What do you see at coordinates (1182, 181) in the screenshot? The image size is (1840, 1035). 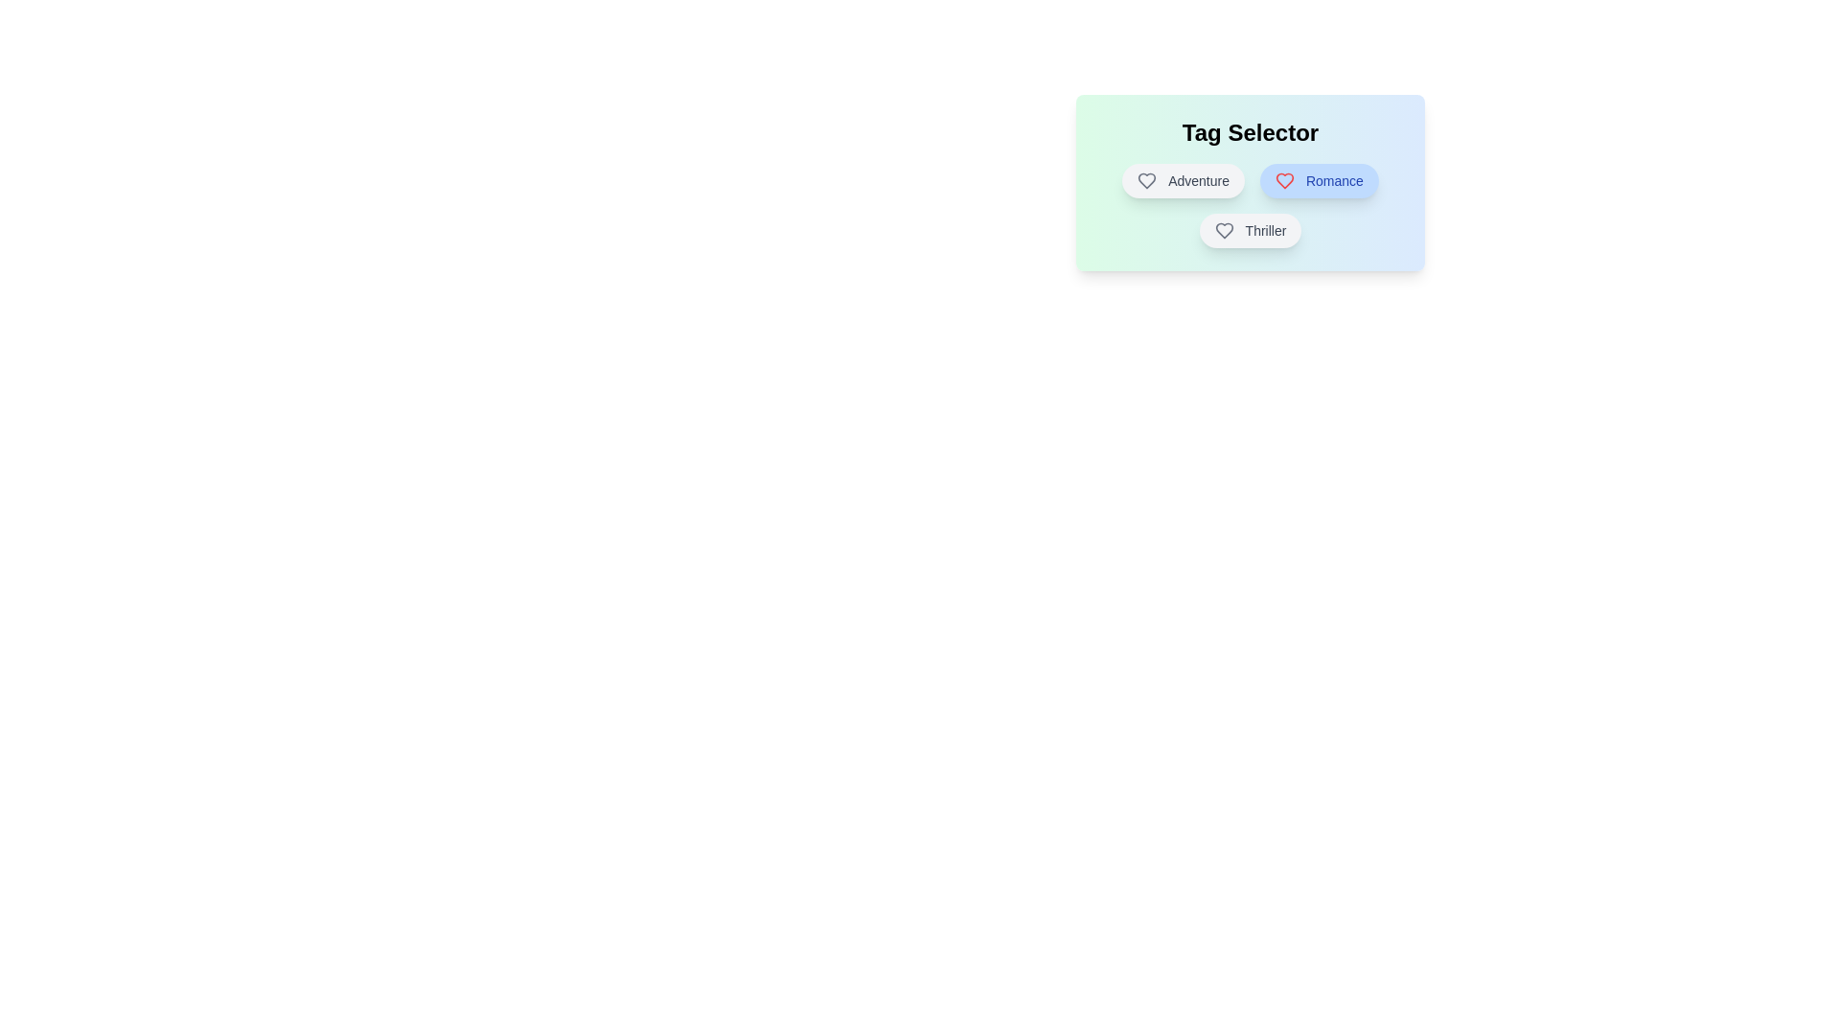 I see `the tag Adventure` at bounding box center [1182, 181].